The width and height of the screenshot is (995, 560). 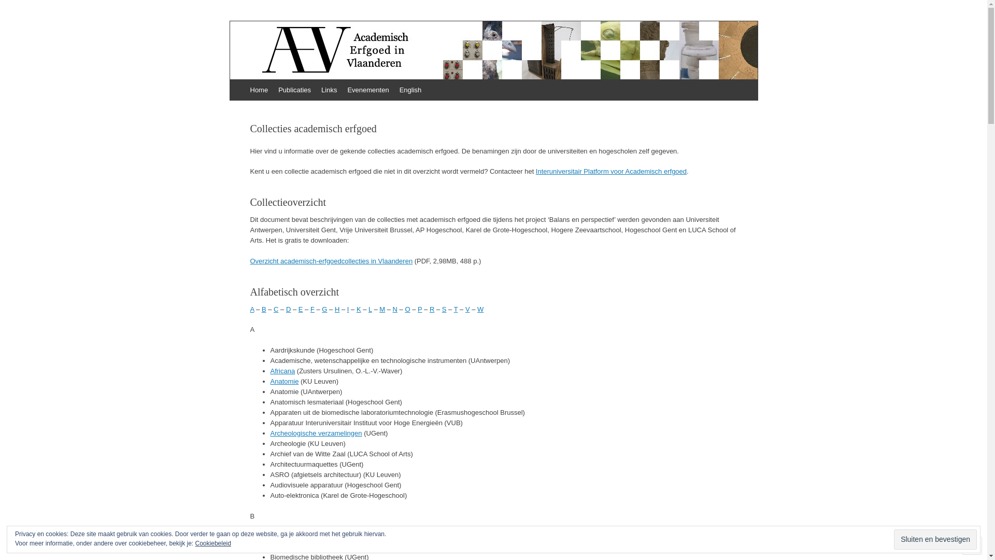 I want to click on 'Publicaties', so click(x=294, y=89).